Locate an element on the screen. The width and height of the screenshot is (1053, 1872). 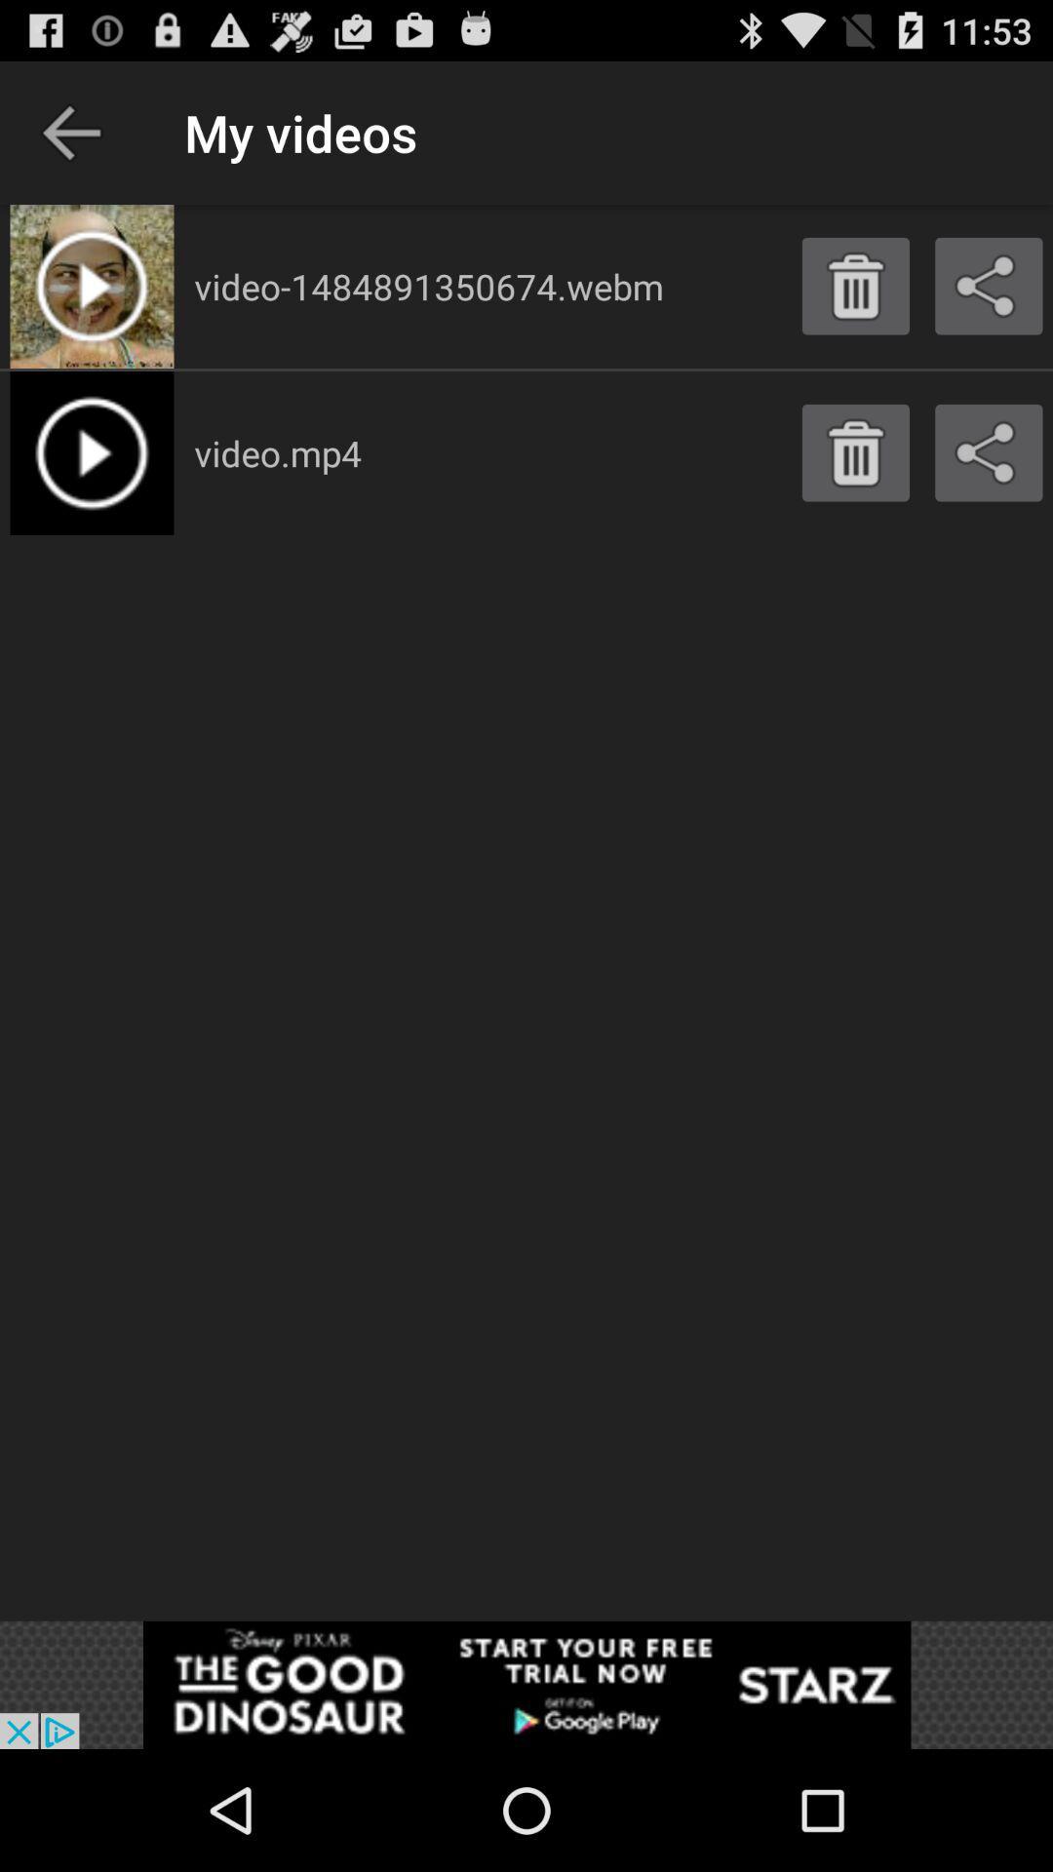
shows the advertisement tab is located at coordinates (526, 1684).